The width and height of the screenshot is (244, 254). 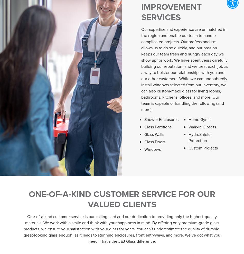 What do you see at coordinates (199, 119) in the screenshot?
I see `'Home Gyms'` at bounding box center [199, 119].